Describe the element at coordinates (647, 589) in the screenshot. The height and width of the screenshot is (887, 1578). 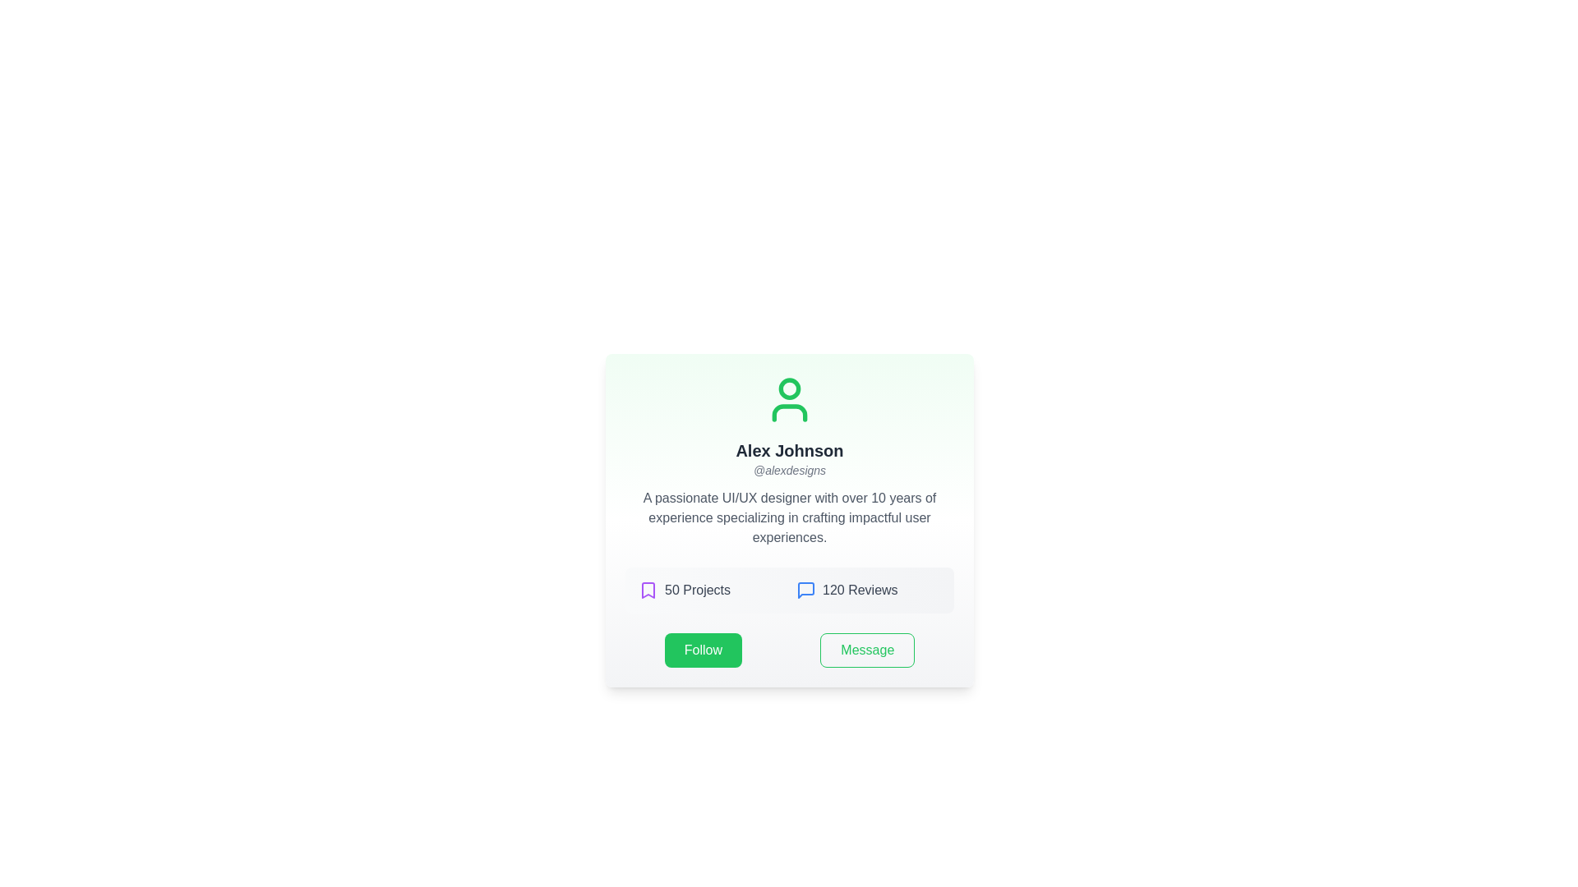
I see `the small bookmark icon with a purple outline located to the left of the text '50 Projects' in the bottom-left area of the user card` at that location.